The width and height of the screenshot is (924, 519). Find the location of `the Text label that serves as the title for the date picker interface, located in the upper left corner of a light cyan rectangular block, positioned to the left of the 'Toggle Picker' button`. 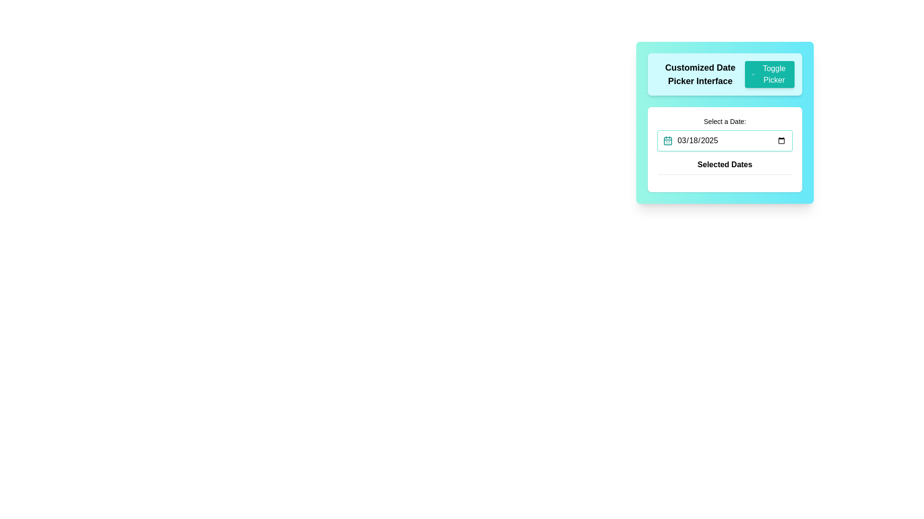

the Text label that serves as the title for the date picker interface, located in the upper left corner of a light cyan rectangular block, positioned to the left of the 'Toggle Picker' button is located at coordinates (700, 74).